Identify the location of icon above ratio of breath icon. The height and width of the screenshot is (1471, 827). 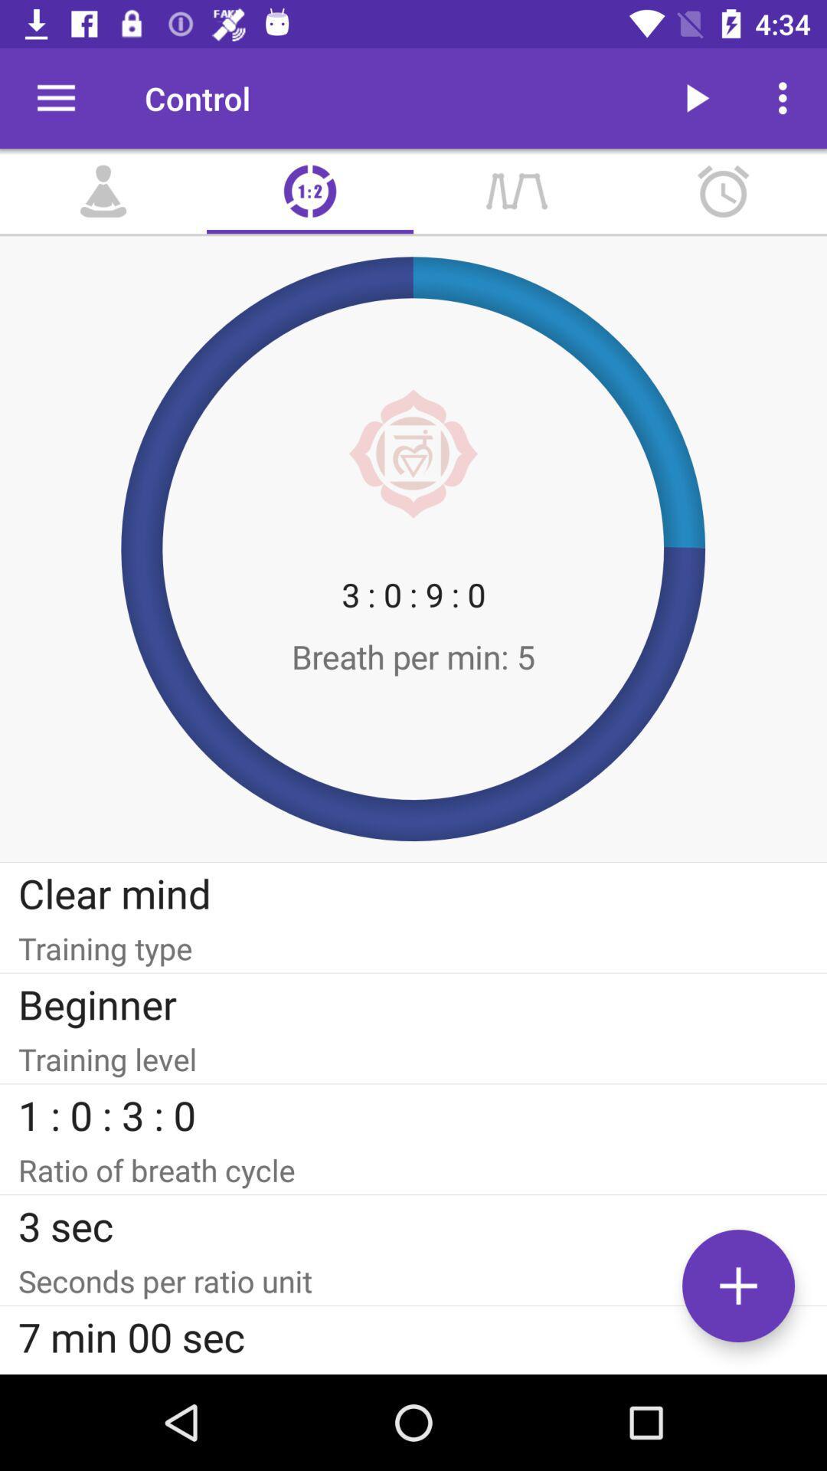
(413, 1115).